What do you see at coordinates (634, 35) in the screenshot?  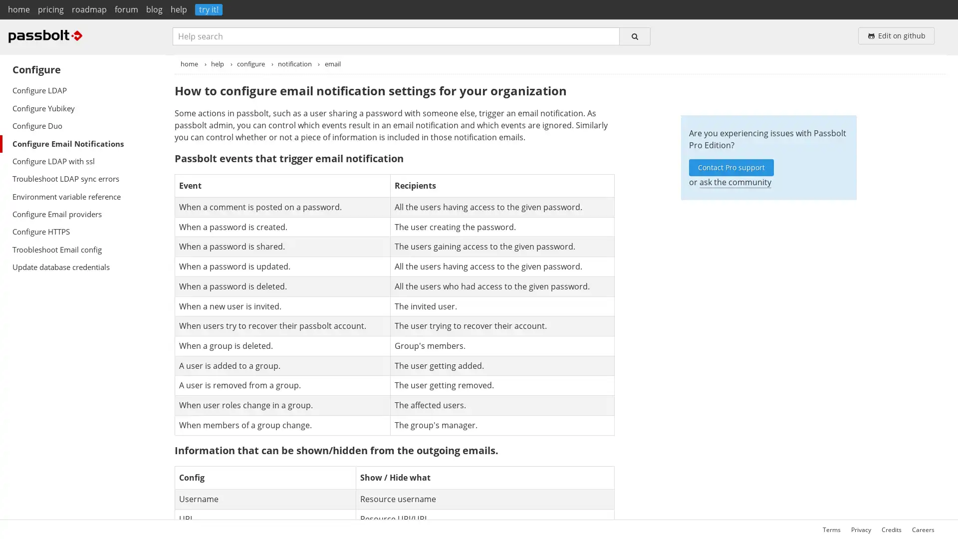 I see `search` at bounding box center [634, 35].